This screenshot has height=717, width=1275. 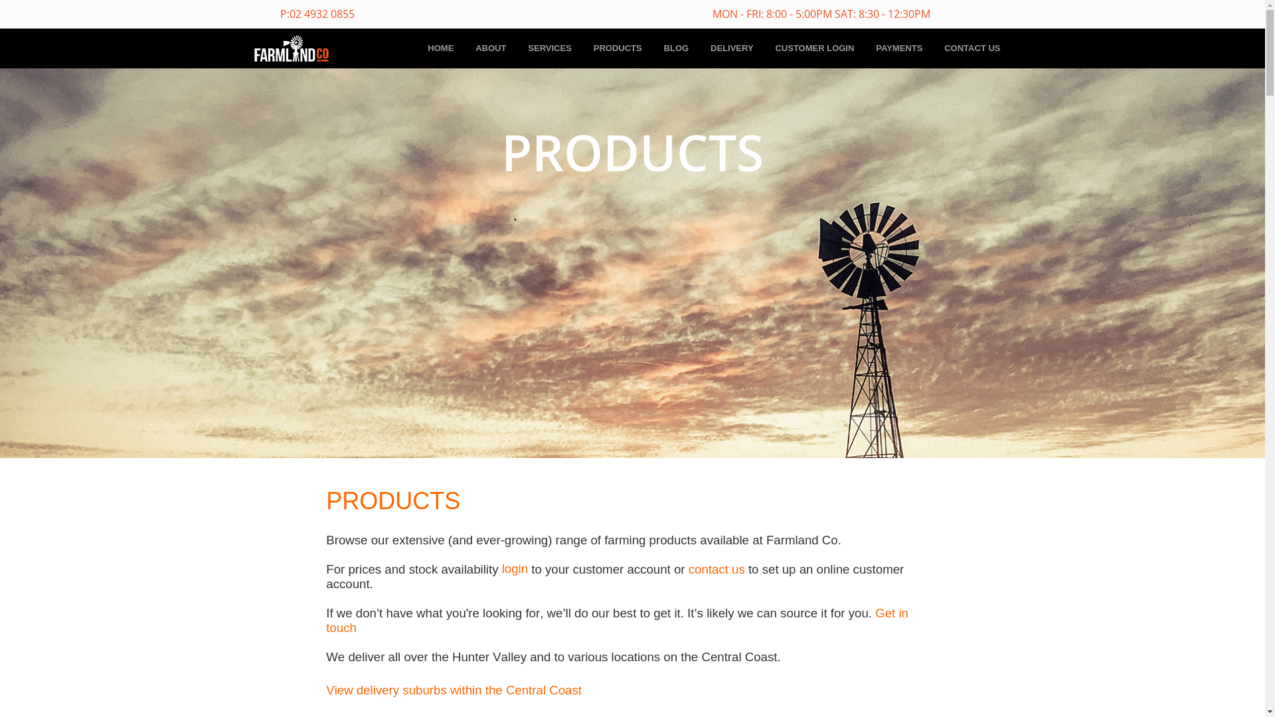 I want to click on ' ', so click(x=358, y=627).